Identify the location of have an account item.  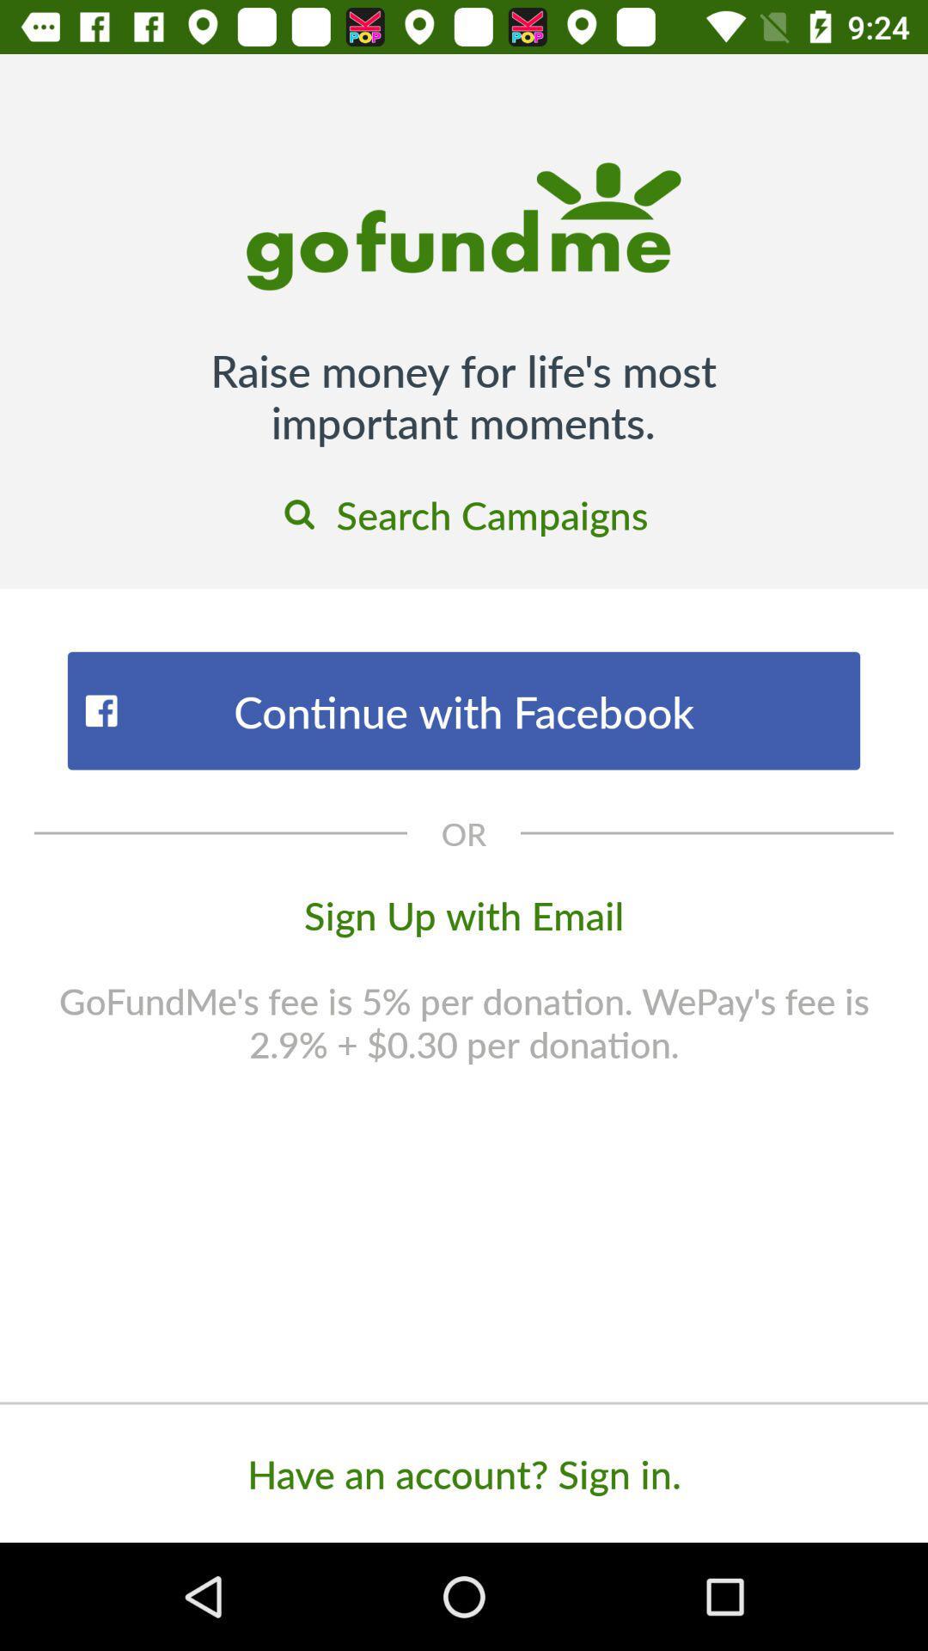
(464, 1472).